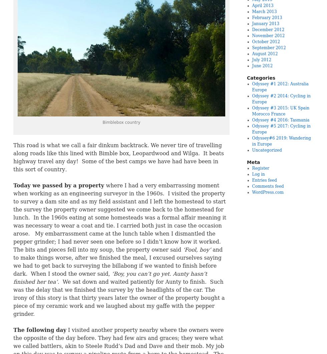  I want to click on 'Categories', so click(261, 78).